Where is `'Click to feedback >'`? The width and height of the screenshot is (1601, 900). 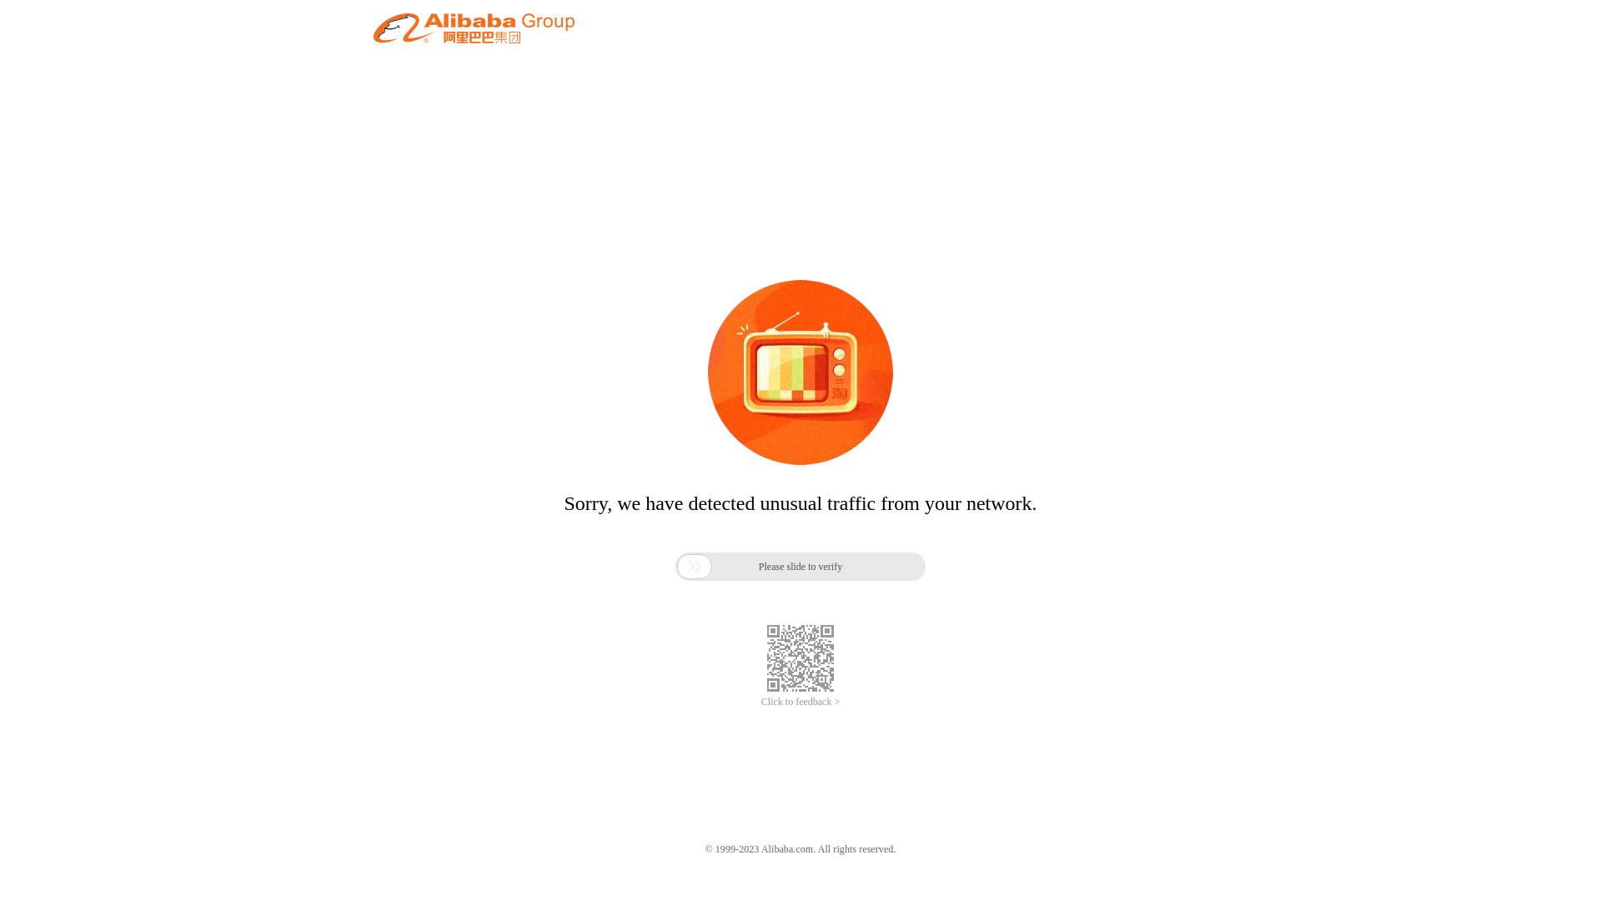
'Click to feedback >' is located at coordinates (760, 702).